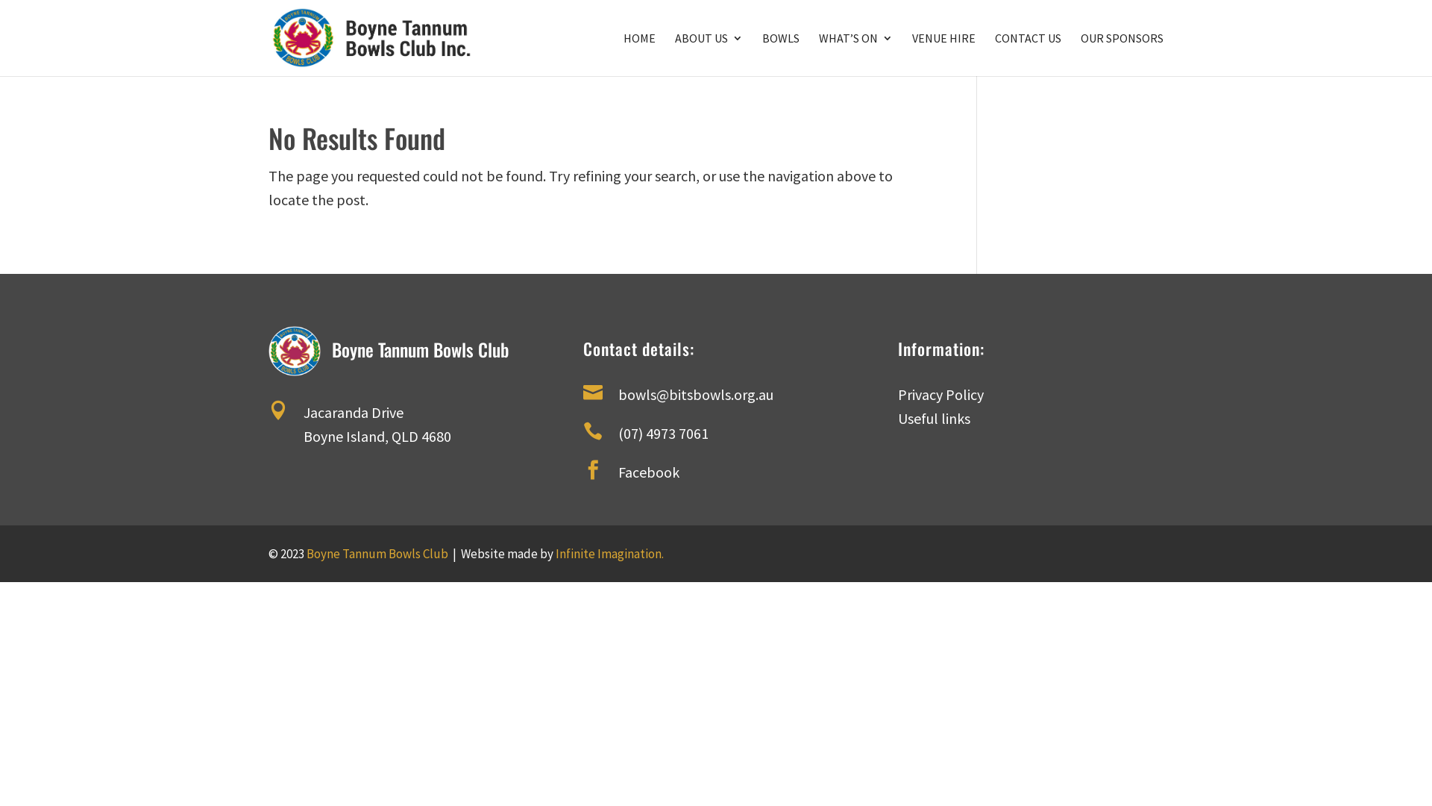 This screenshot has height=806, width=1432. What do you see at coordinates (623, 54) in the screenshot?
I see `'HOME'` at bounding box center [623, 54].